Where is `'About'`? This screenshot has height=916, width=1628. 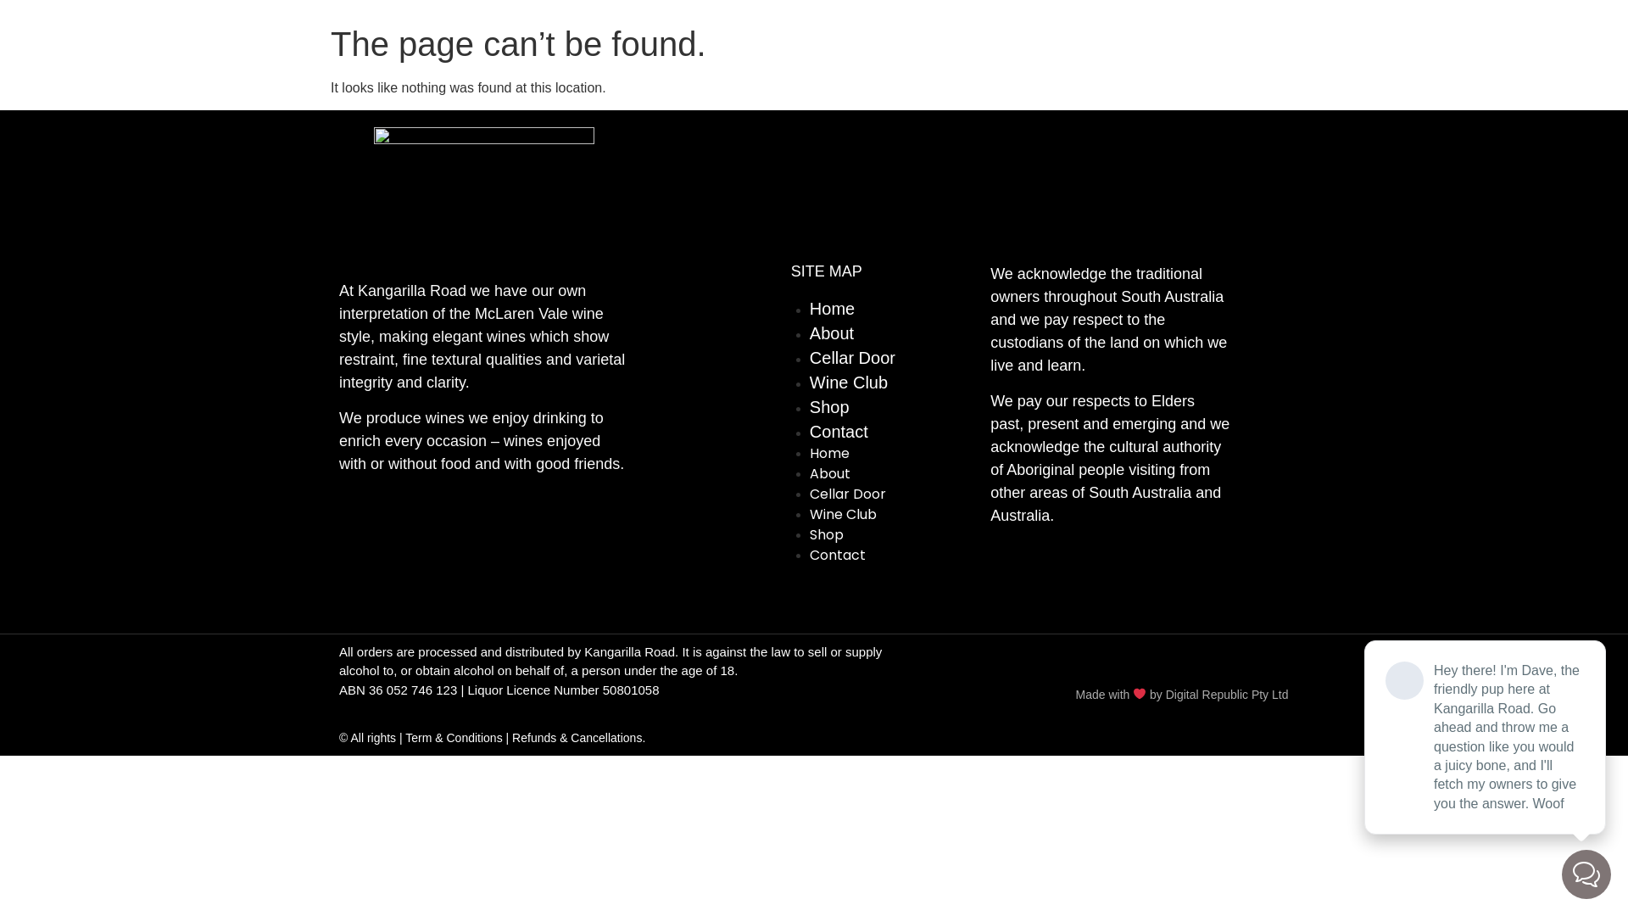
'About' is located at coordinates (831, 333).